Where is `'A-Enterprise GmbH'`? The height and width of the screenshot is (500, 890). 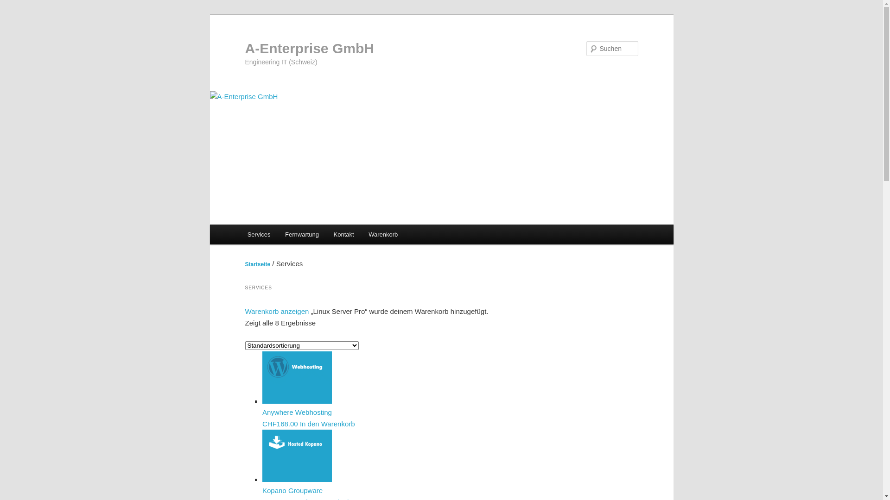 'A-Enterprise GmbH' is located at coordinates (309, 48).